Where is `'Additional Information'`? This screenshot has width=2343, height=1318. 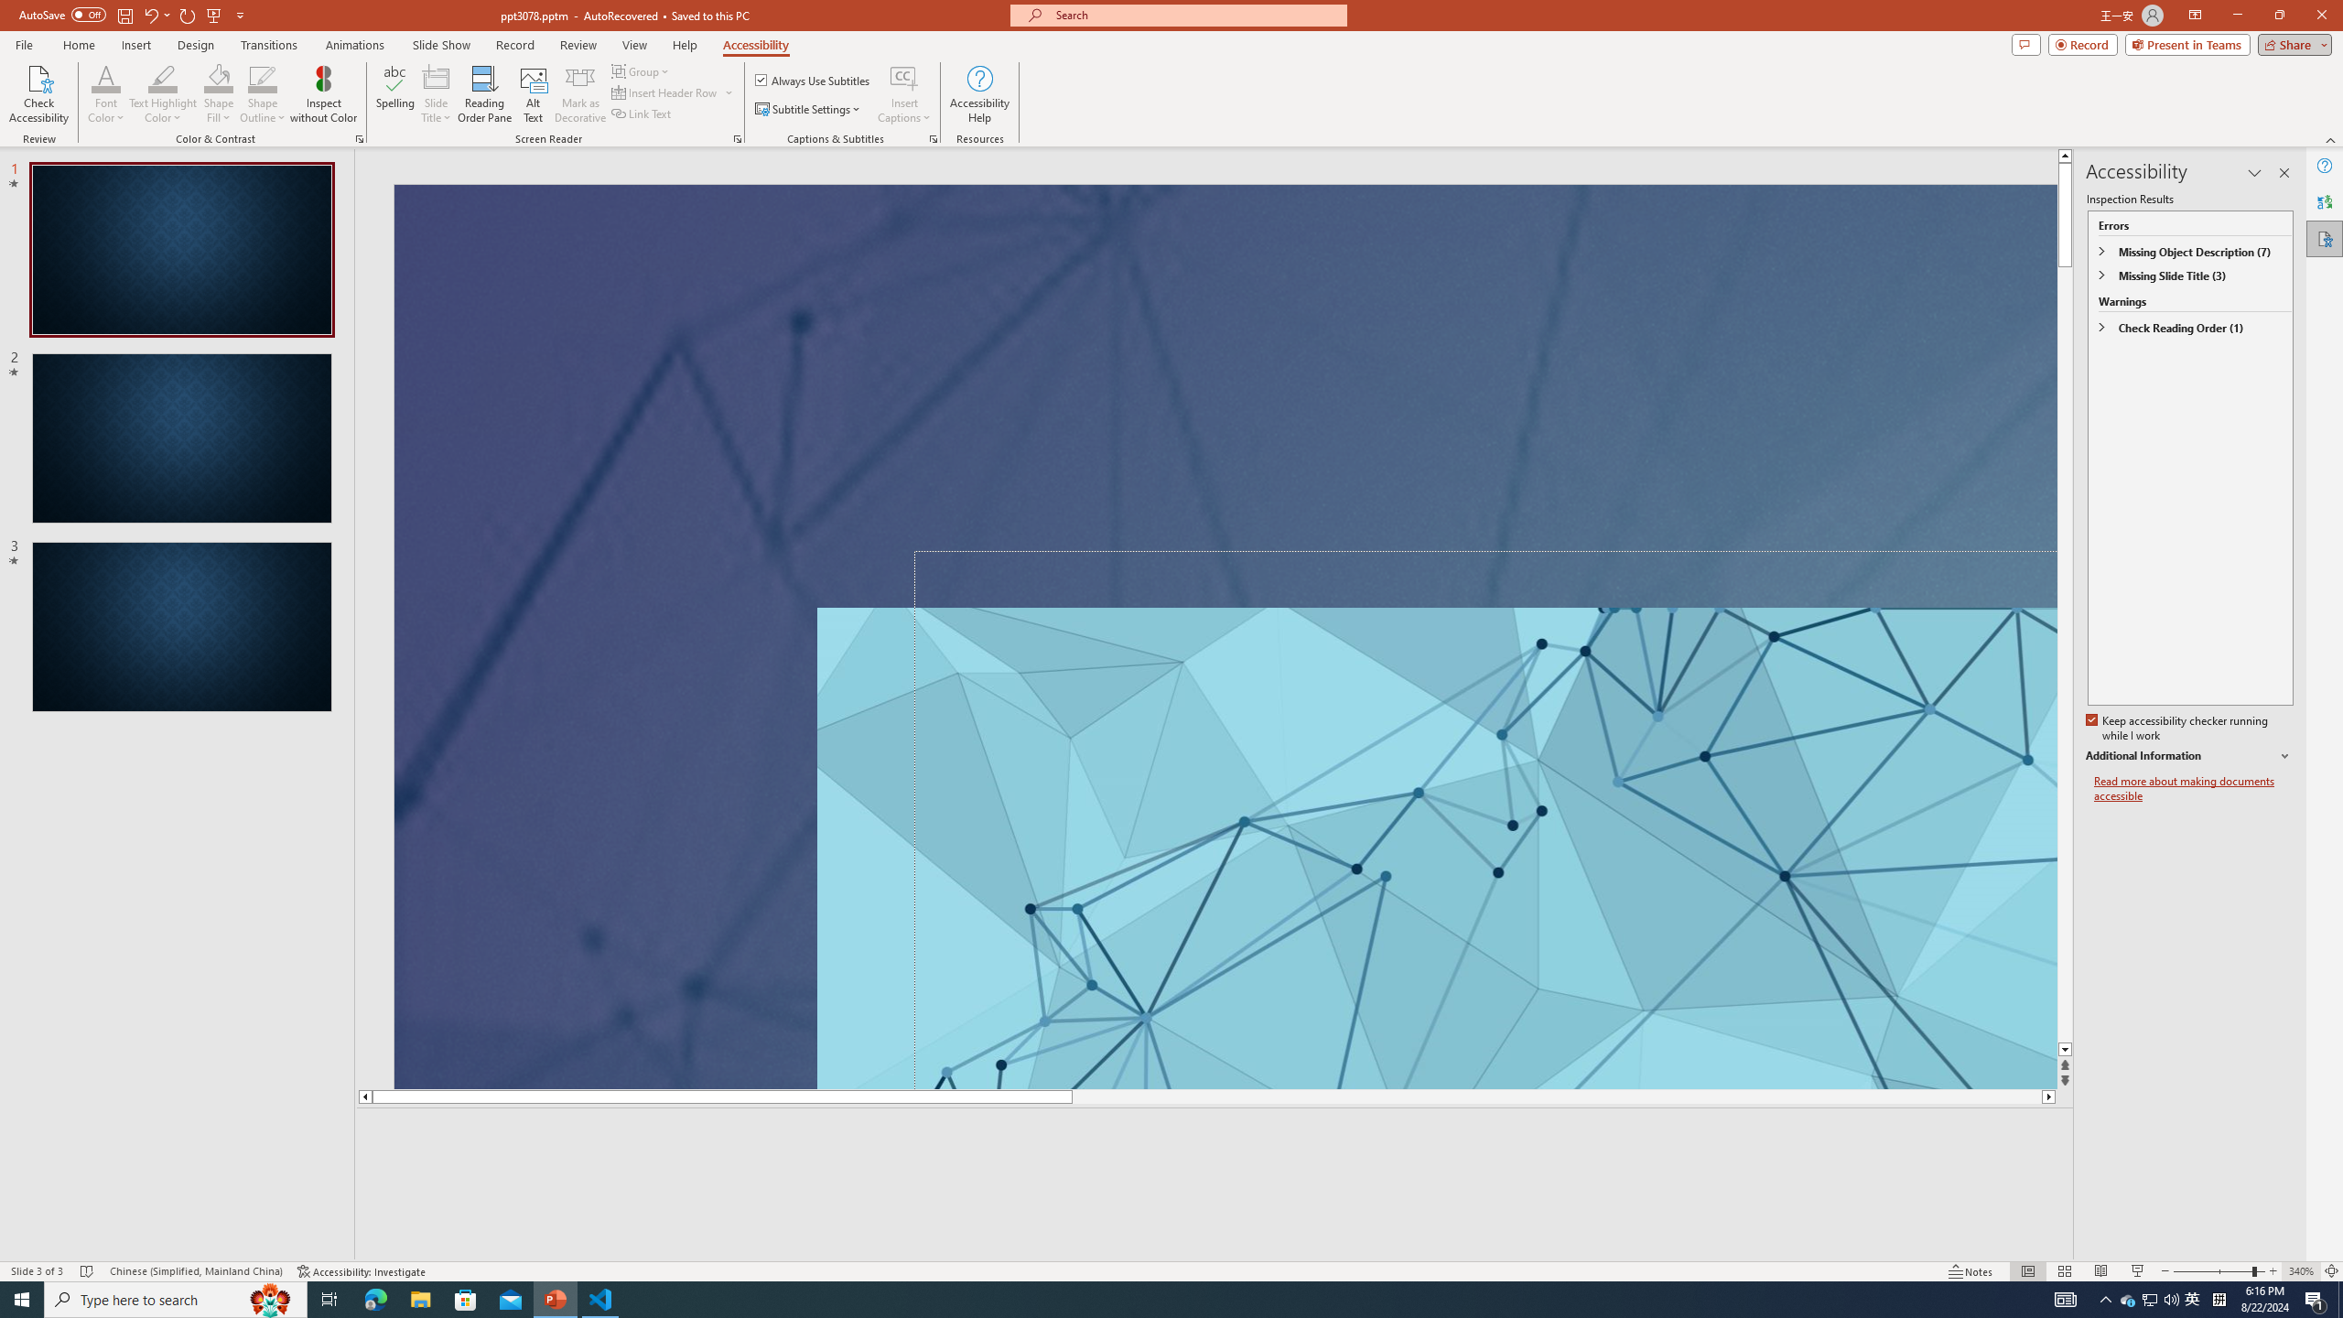
'Additional Information' is located at coordinates (2189, 756).